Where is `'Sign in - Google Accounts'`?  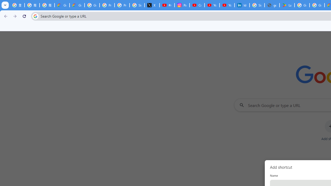 'Sign in - Google Accounts' is located at coordinates (257, 5).